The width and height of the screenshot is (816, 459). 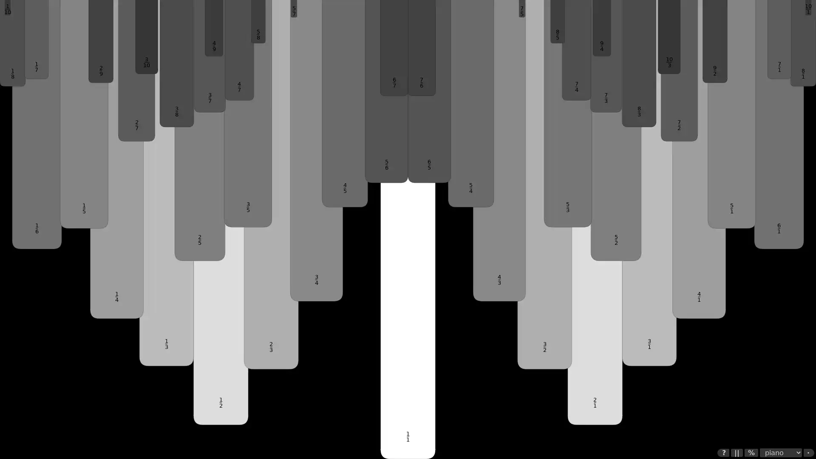 What do you see at coordinates (736, 452) in the screenshot?
I see `||` at bounding box center [736, 452].